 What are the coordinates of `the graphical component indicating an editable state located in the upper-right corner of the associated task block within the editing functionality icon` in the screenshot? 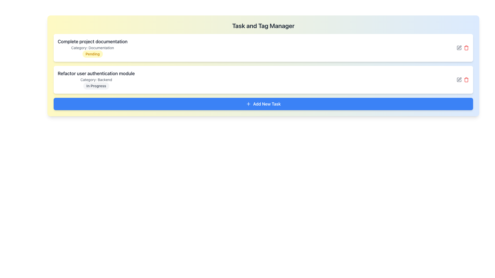 It's located at (459, 80).